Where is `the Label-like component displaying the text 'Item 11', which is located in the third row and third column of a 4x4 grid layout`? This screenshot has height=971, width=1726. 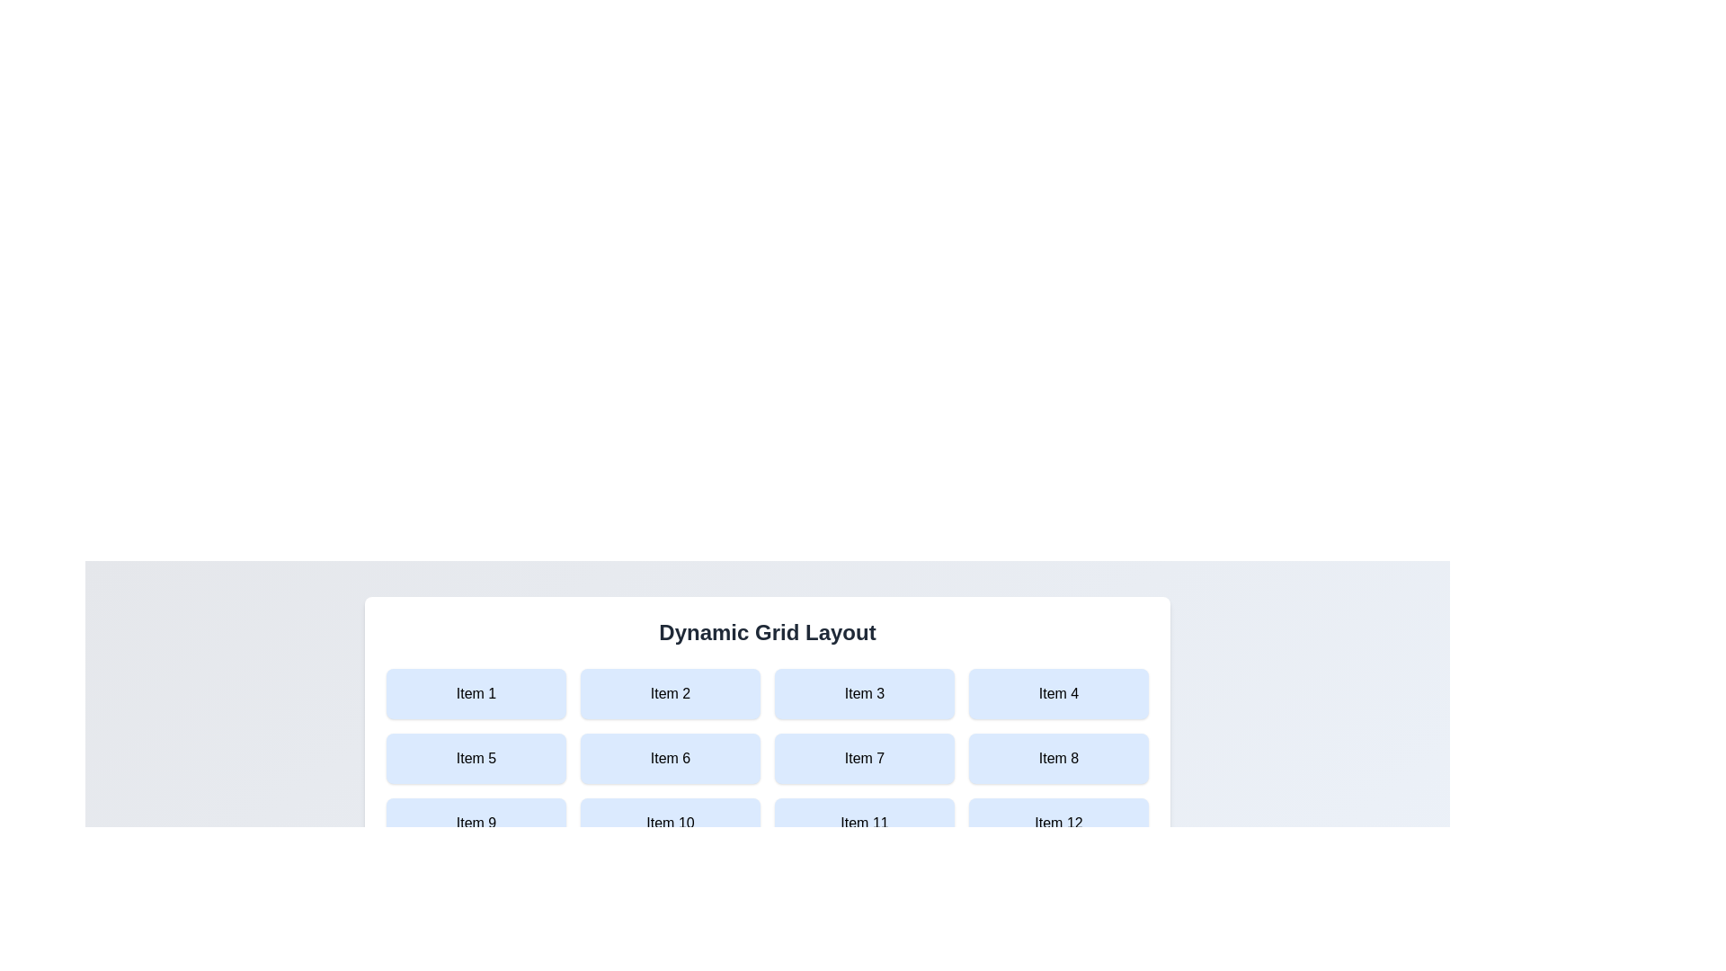
the Label-like component displaying the text 'Item 11', which is located in the third row and third column of a 4x4 grid layout is located at coordinates (864, 823).